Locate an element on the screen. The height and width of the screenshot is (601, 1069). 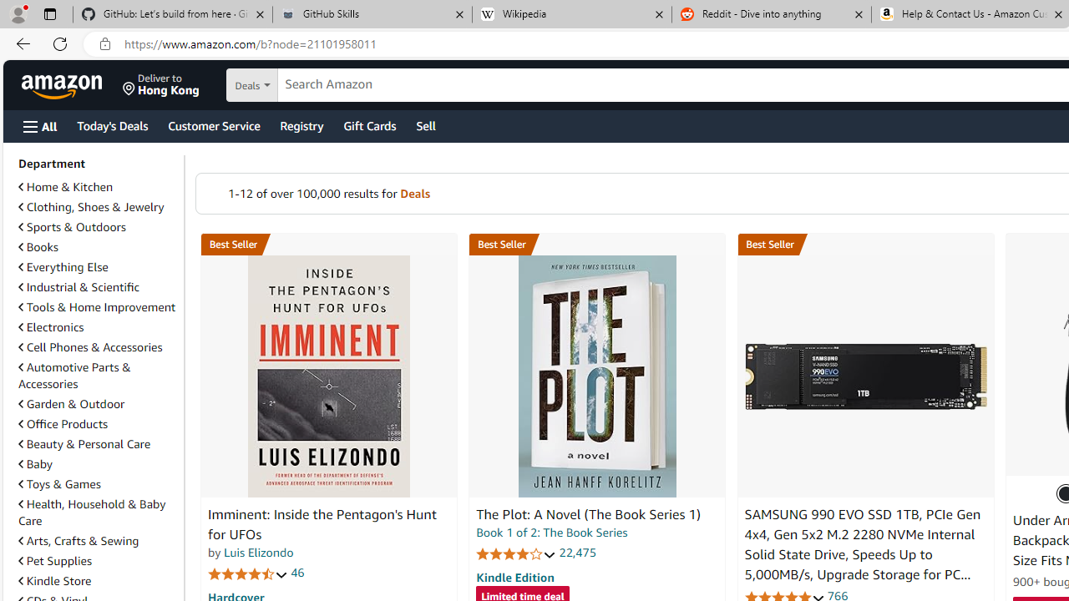
'Home & Kitchen' is located at coordinates (65, 187).